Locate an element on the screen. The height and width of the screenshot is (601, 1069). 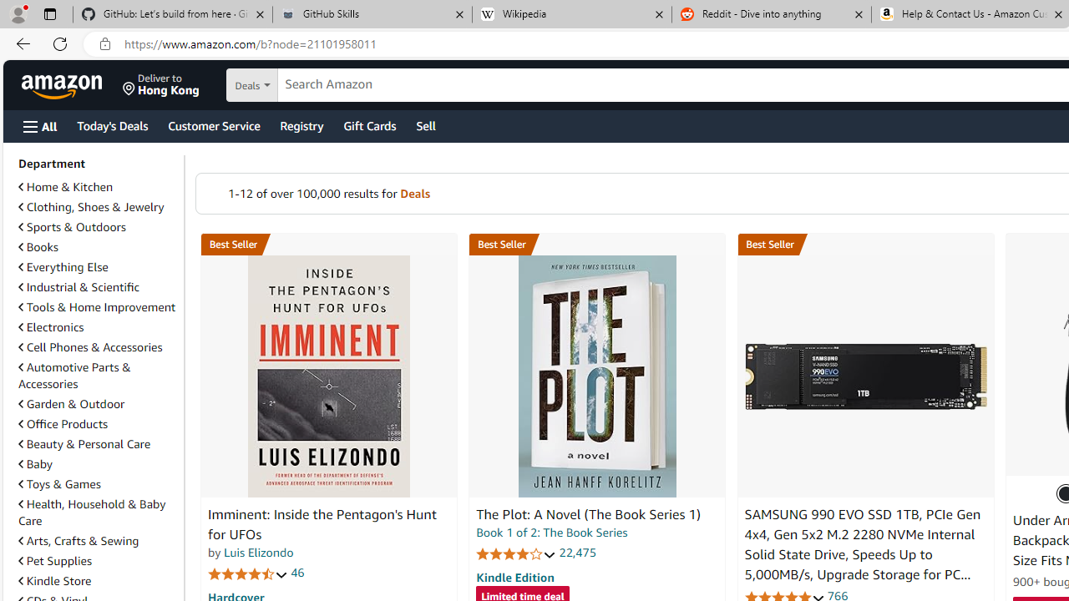
'Home & Kitchen' is located at coordinates (65, 187).